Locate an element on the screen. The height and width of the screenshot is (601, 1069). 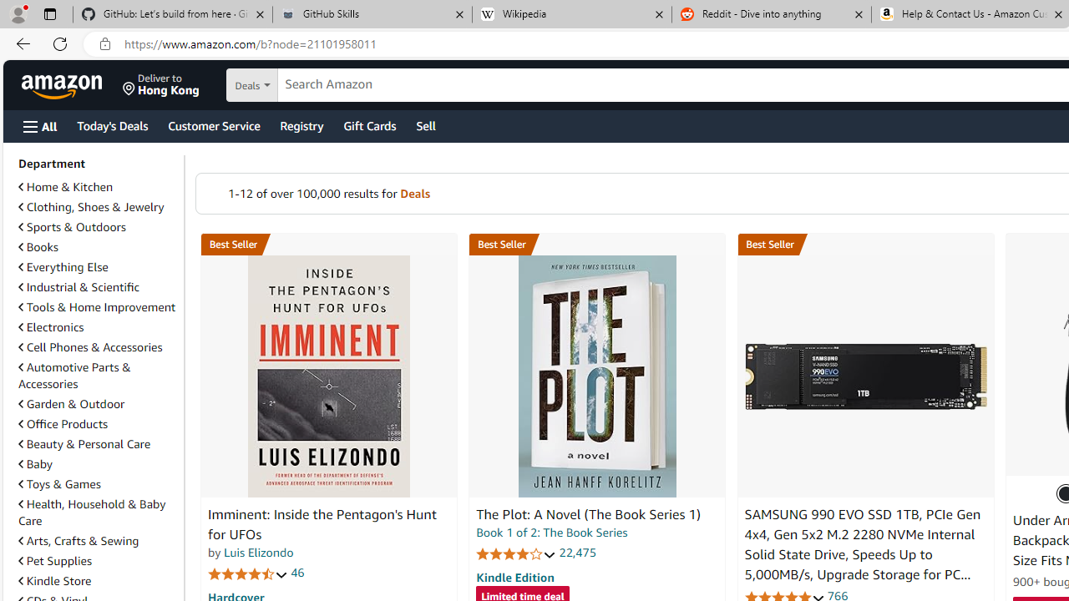
'Home & Kitchen' is located at coordinates (65, 187).